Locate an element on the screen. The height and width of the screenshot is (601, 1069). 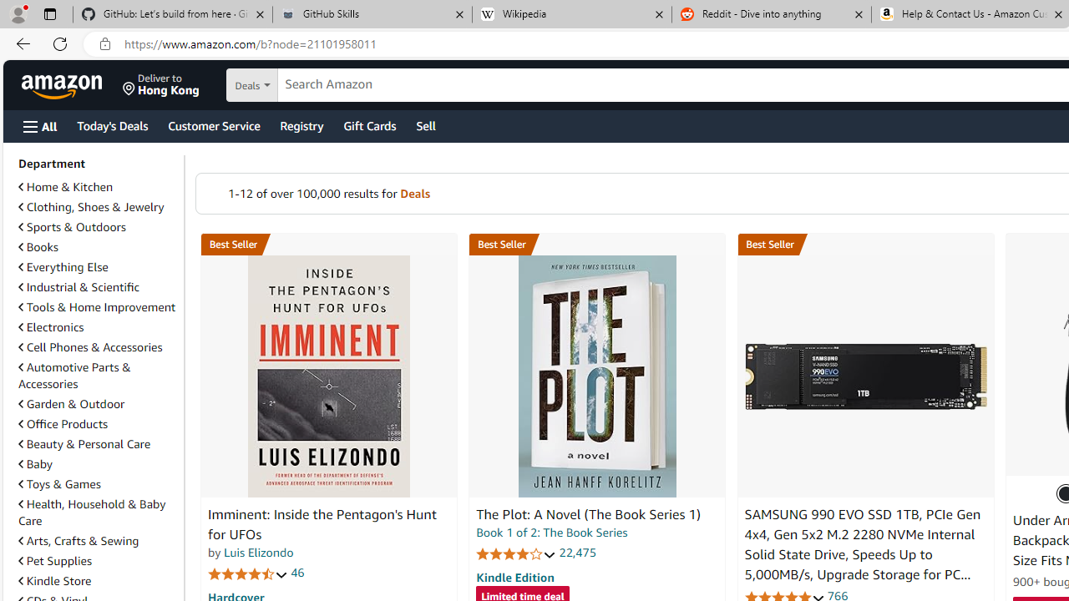
'Home & Kitchen' is located at coordinates (65, 187).